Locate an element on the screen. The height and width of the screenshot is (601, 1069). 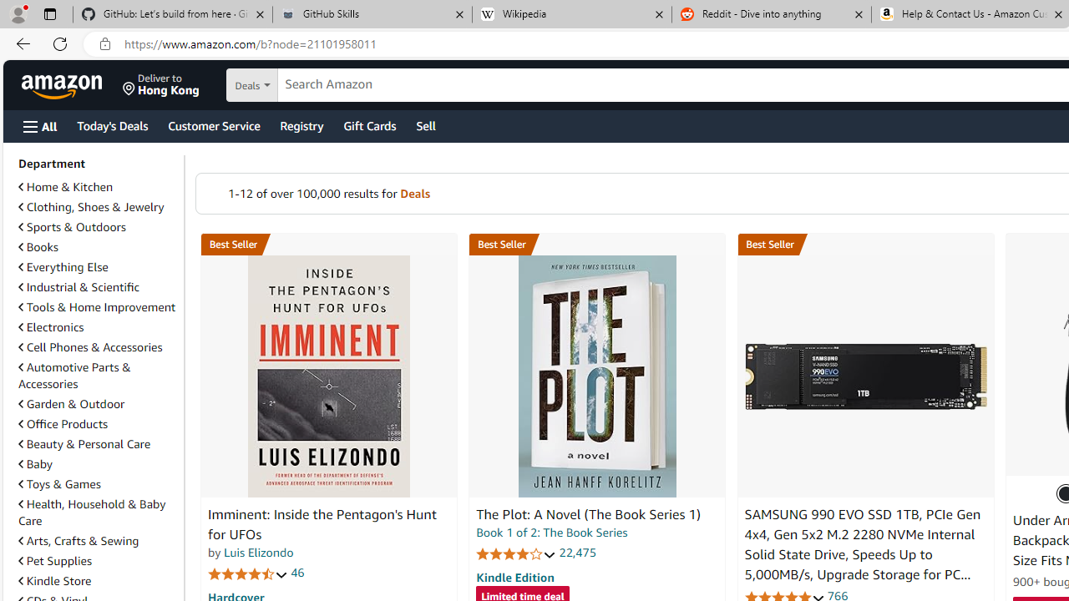
'Home & Kitchen' is located at coordinates (65, 187).